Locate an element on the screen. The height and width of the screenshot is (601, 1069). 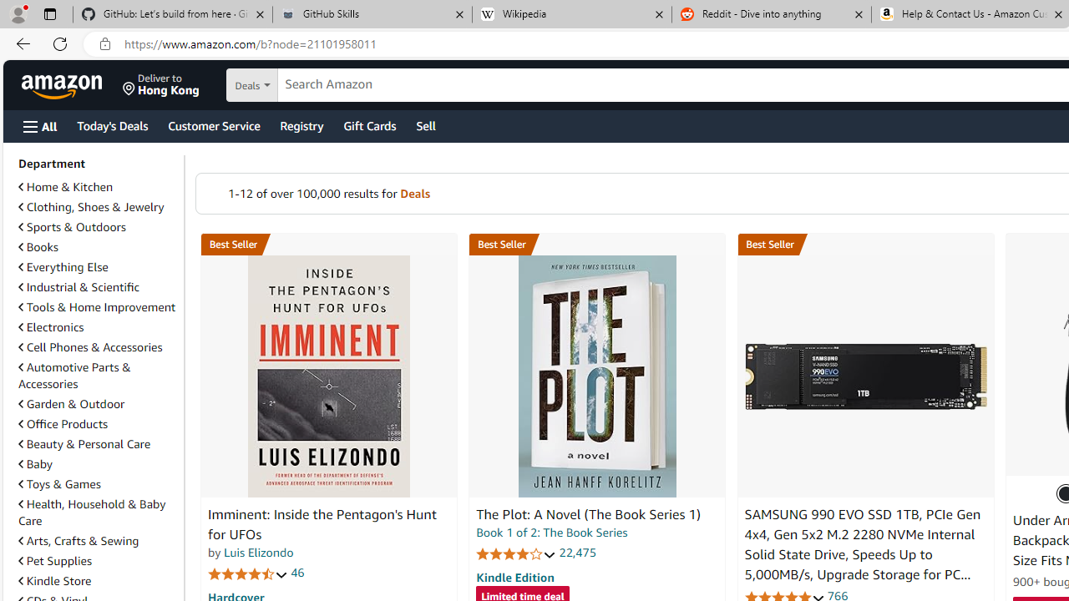
'Home & Kitchen' is located at coordinates (65, 187).